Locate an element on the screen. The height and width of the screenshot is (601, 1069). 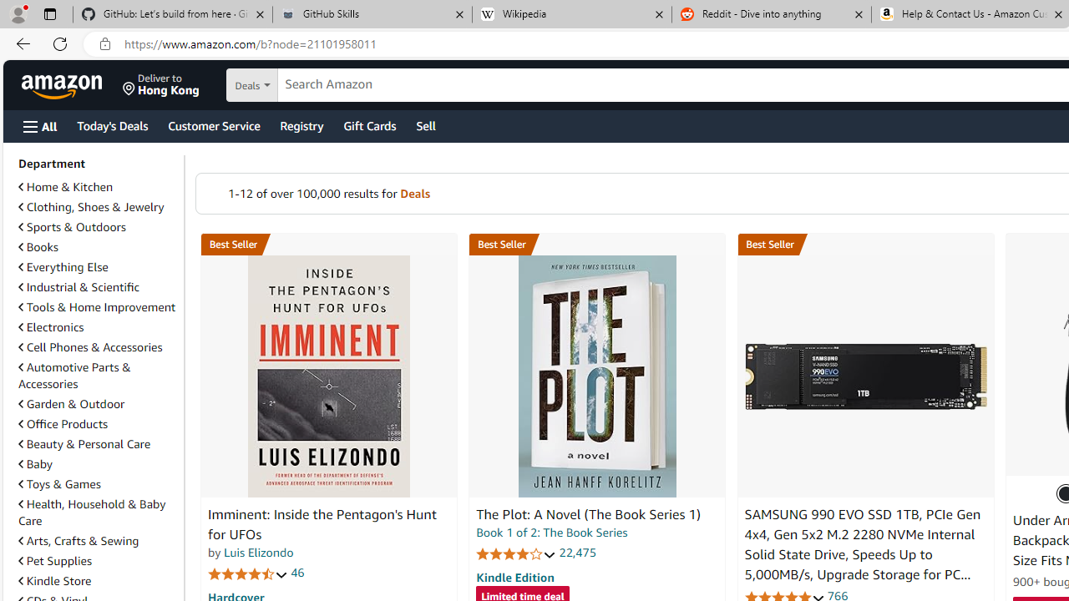
'Home & Kitchen' is located at coordinates (65, 187).